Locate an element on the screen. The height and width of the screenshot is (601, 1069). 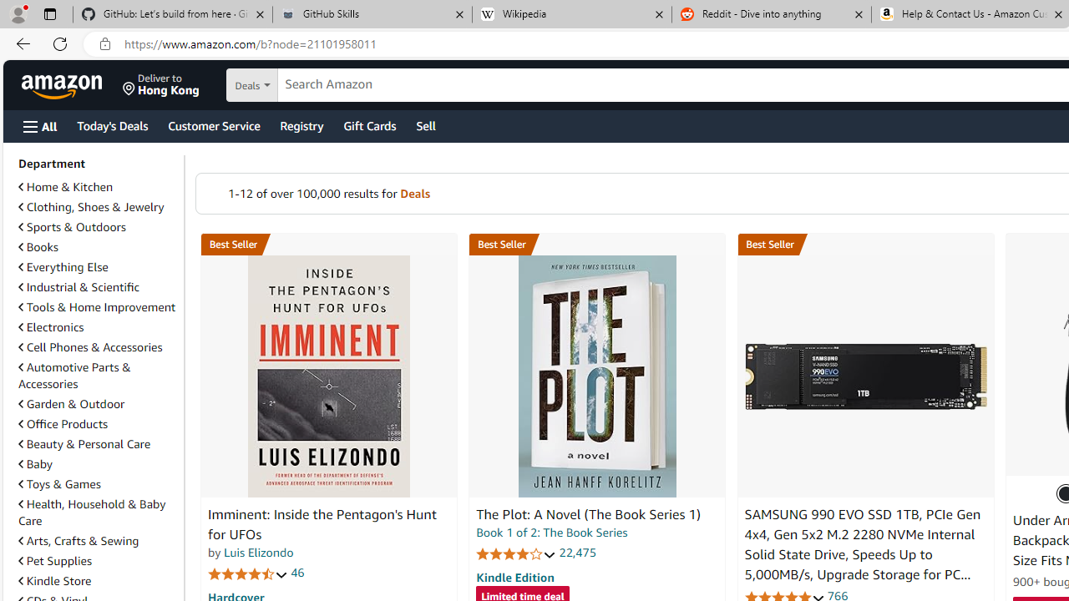
'Home & Kitchen' is located at coordinates (65, 187).